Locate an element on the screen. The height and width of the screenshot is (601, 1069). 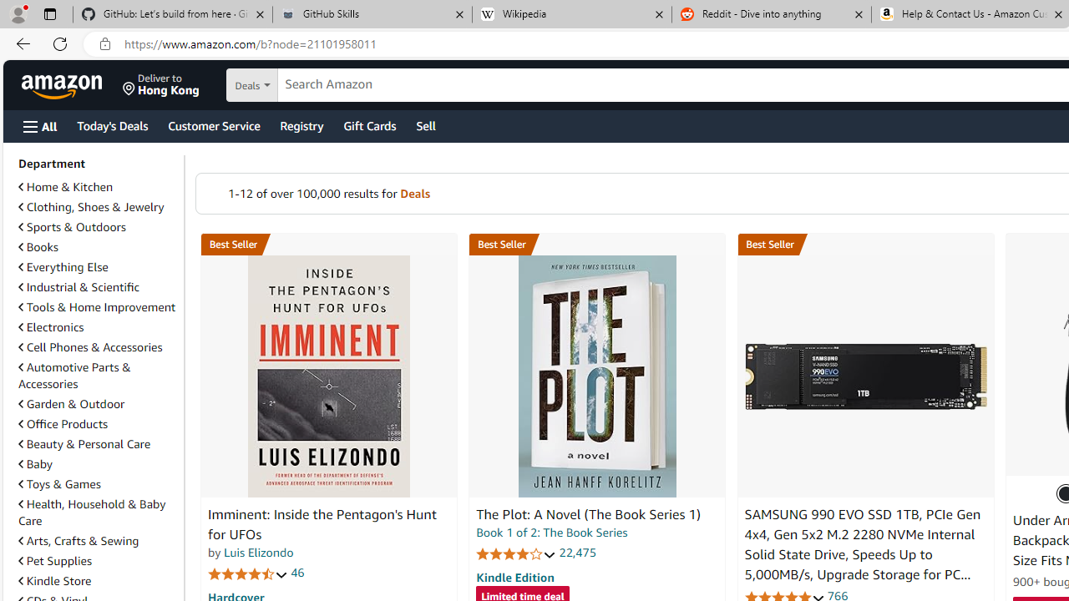
'Home & Kitchen' is located at coordinates (65, 187).